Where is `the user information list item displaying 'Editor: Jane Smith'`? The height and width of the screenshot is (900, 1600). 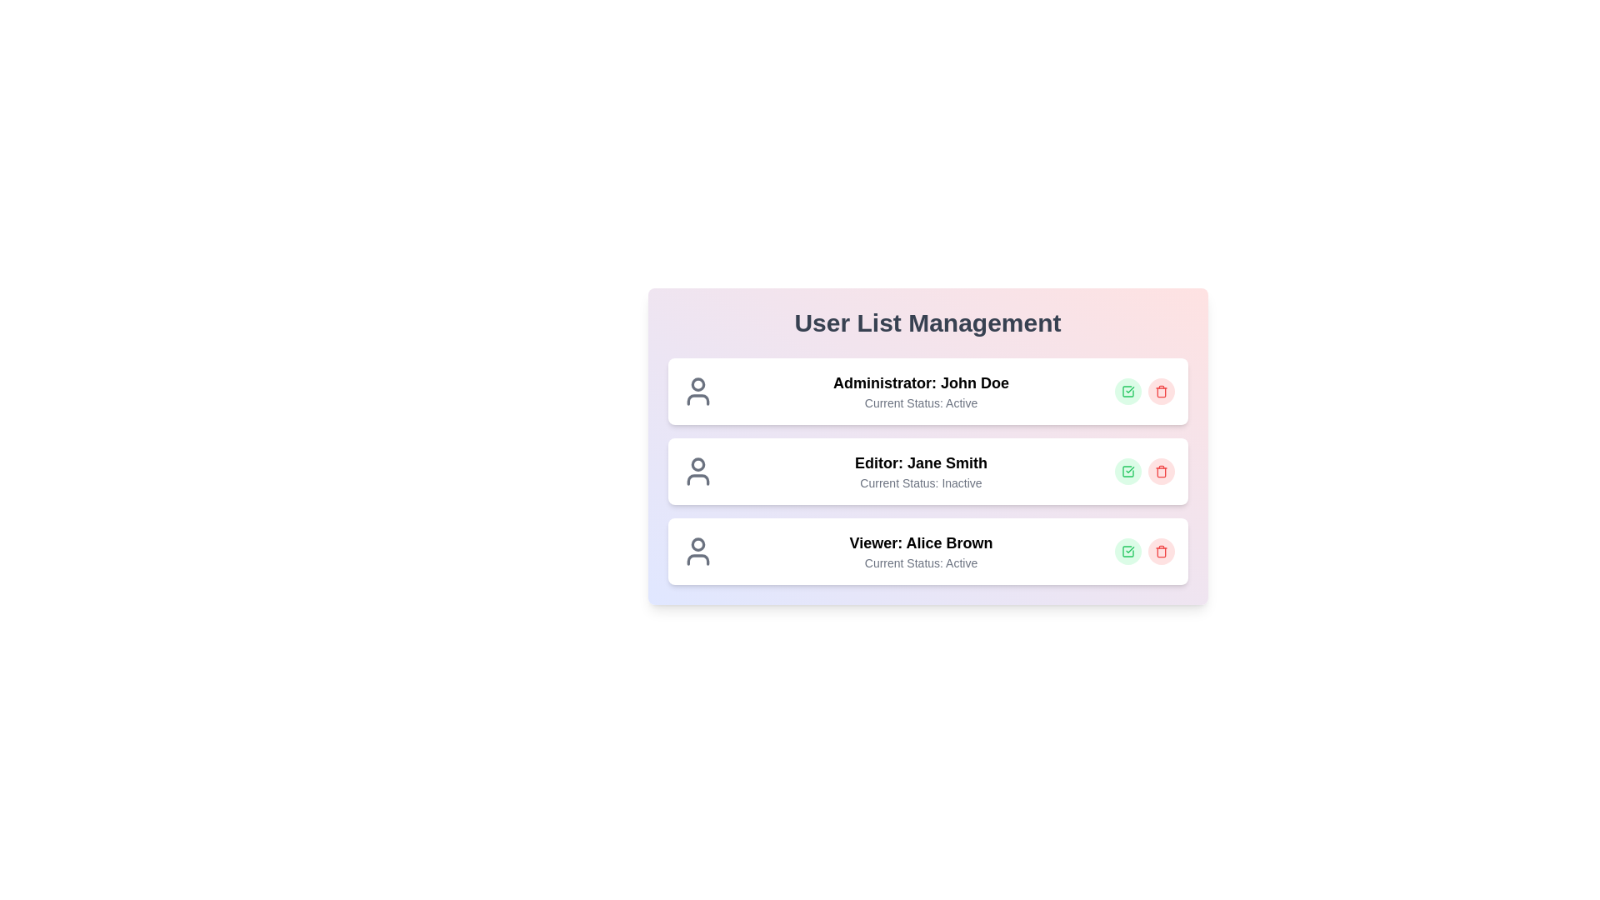 the user information list item displaying 'Editor: Jane Smith' is located at coordinates (927, 472).